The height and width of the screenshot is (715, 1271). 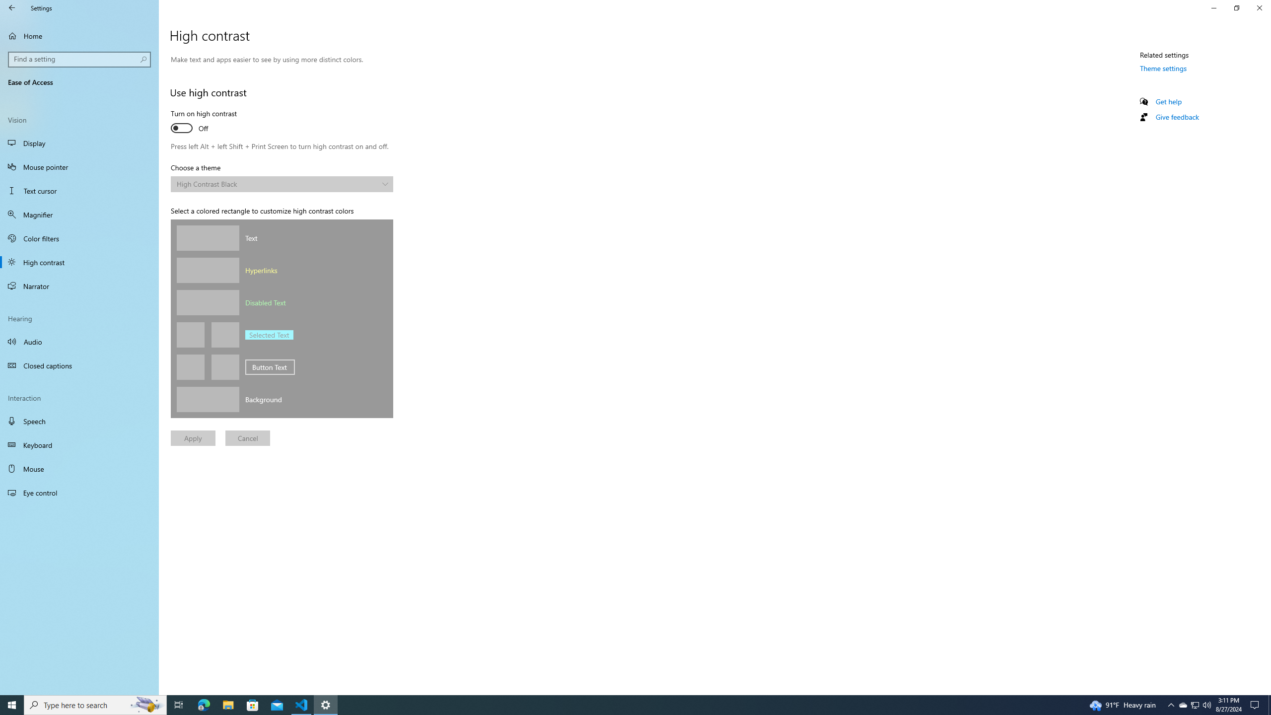 I want to click on 'Speech', so click(x=79, y=421).